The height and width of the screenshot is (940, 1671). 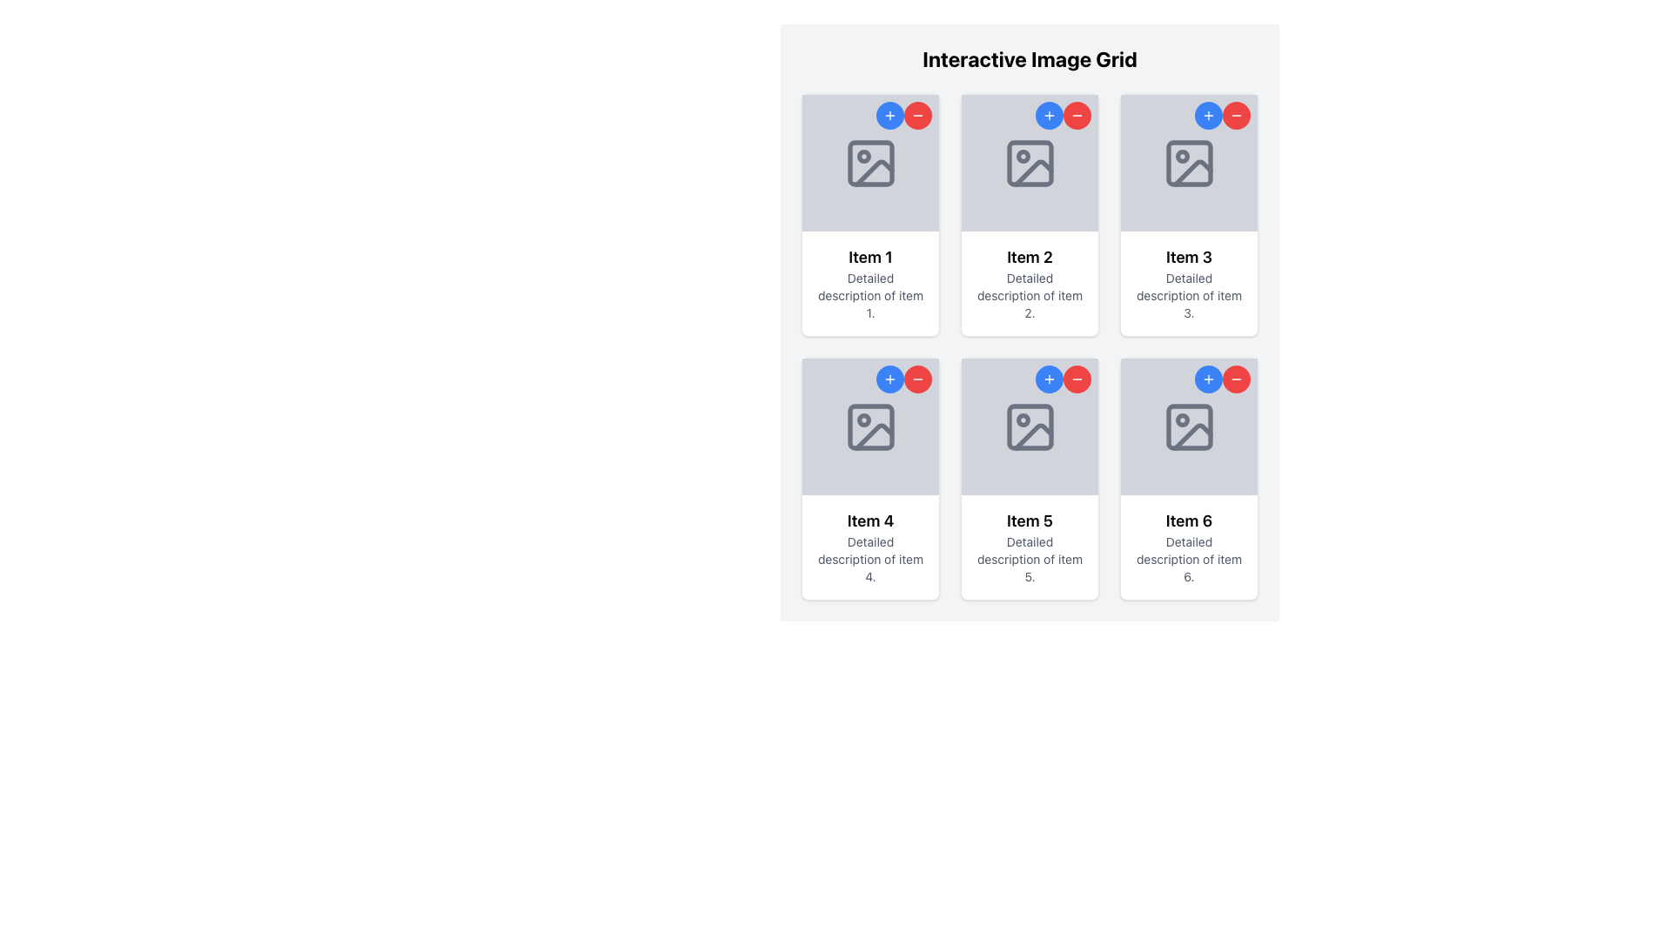 What do you see at coordinates (1077, 378) in the screenshot?
I see `the red 'minus' icon located in the top-right corner of the 'Item 5' card within the interactive image grid, which is part of a red button aligned to the right of a blue button` at bounding box center [1077, 378].